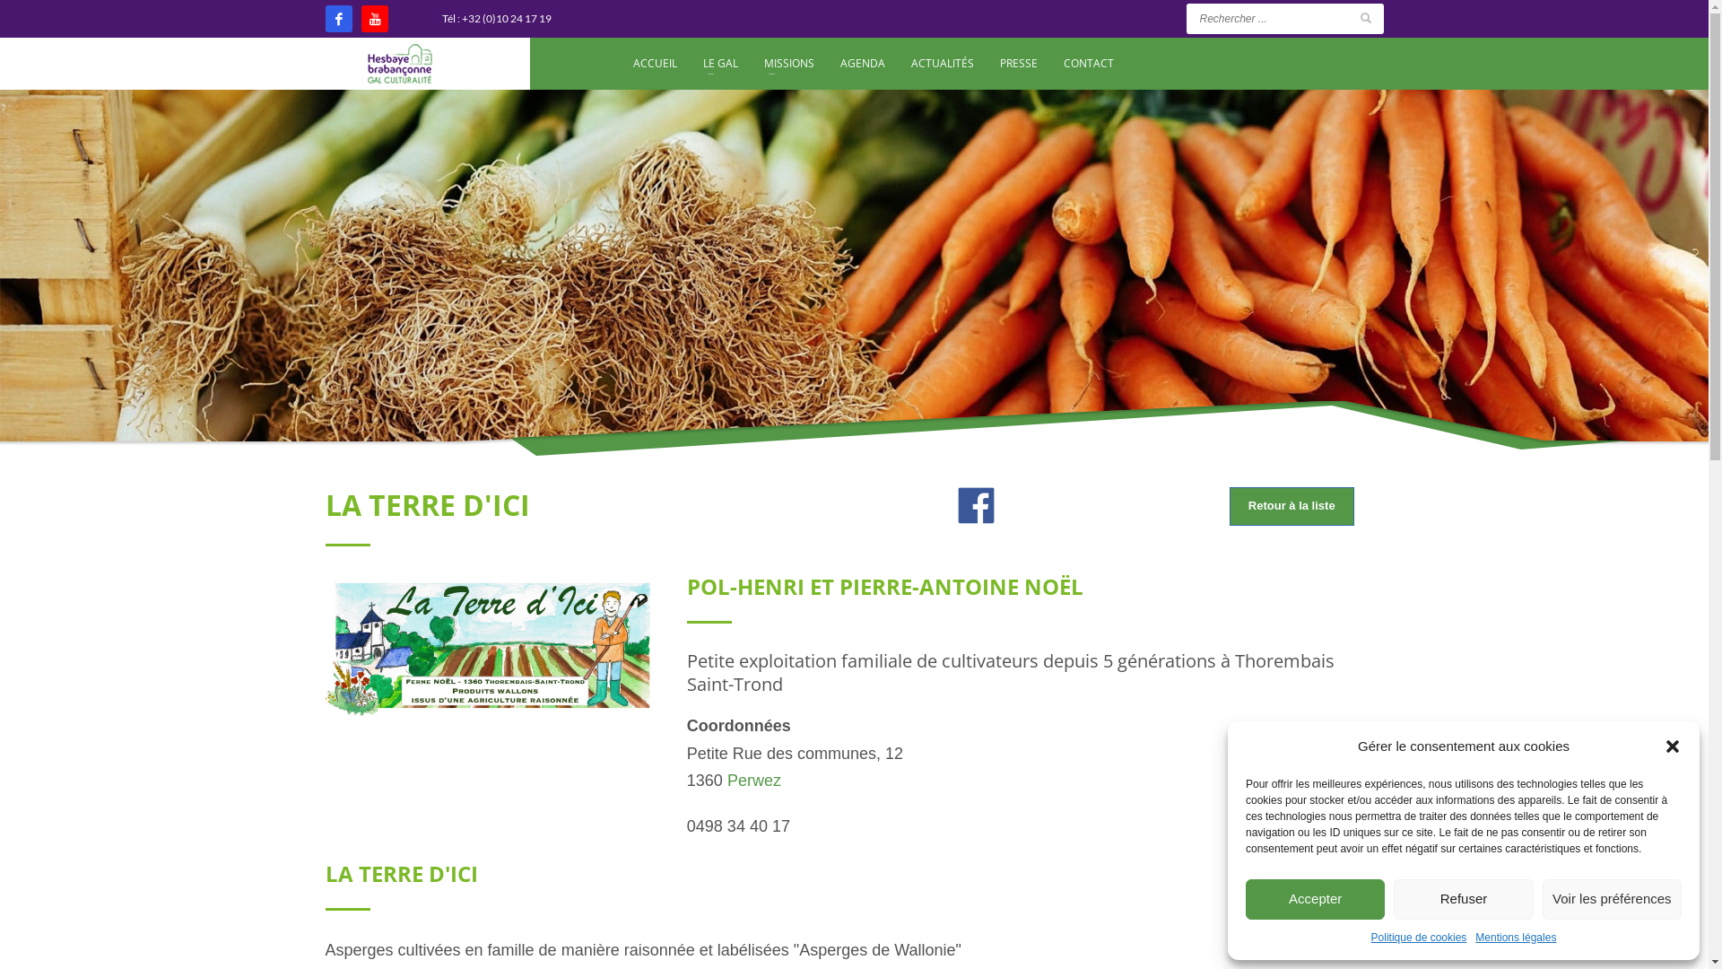 This screenshot has width=1722, height=969. I want to click on 'Refuser', so click(1463, 899).